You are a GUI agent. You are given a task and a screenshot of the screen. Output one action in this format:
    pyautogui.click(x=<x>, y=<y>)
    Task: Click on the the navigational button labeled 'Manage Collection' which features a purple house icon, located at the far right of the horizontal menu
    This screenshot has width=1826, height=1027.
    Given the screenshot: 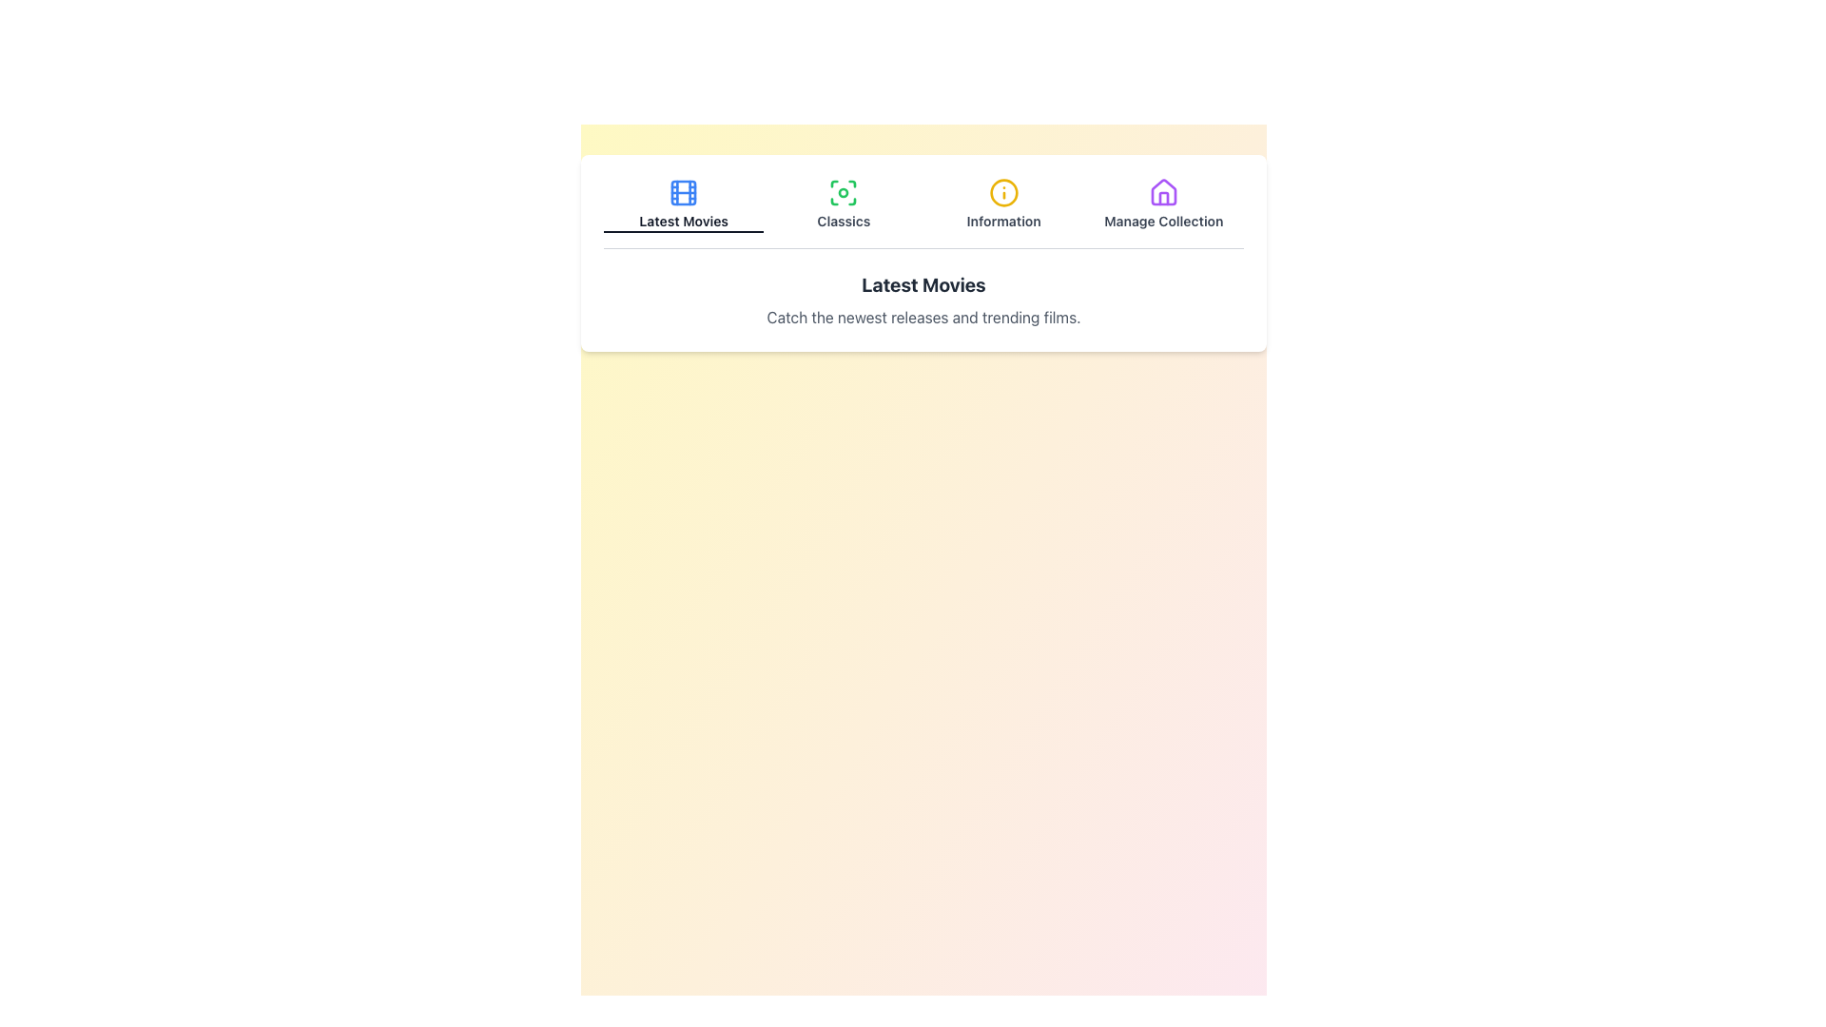 What is the action you would take?
    pyautogui.click(x=1162, y=205)
    